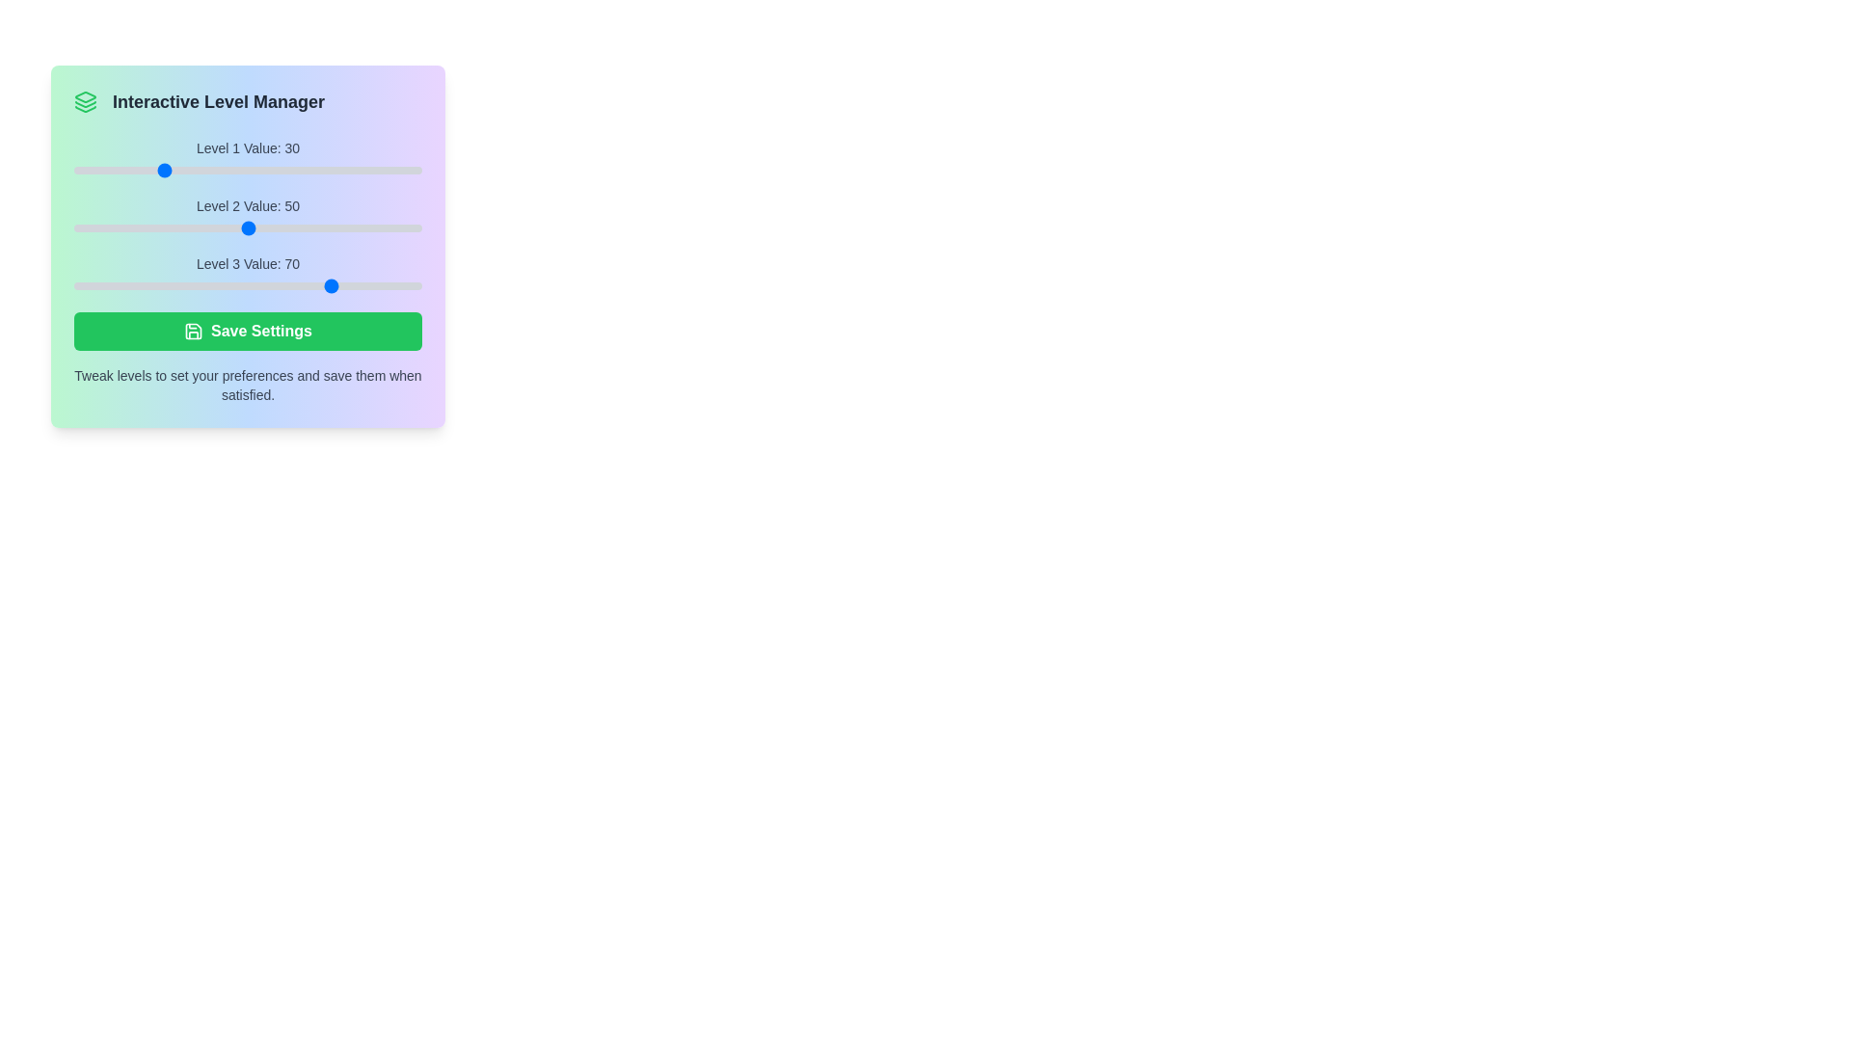 Image resolution: width=1851 pixels, height=1041 pixels. I want to click on the slider value, so click(286, 227).